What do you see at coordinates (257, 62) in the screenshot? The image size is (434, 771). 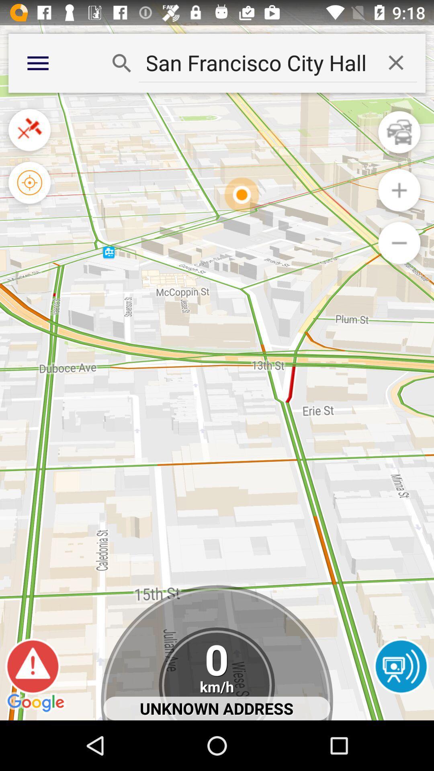 I see `search the place san francisco city hall` at bounding box center [257, 62].